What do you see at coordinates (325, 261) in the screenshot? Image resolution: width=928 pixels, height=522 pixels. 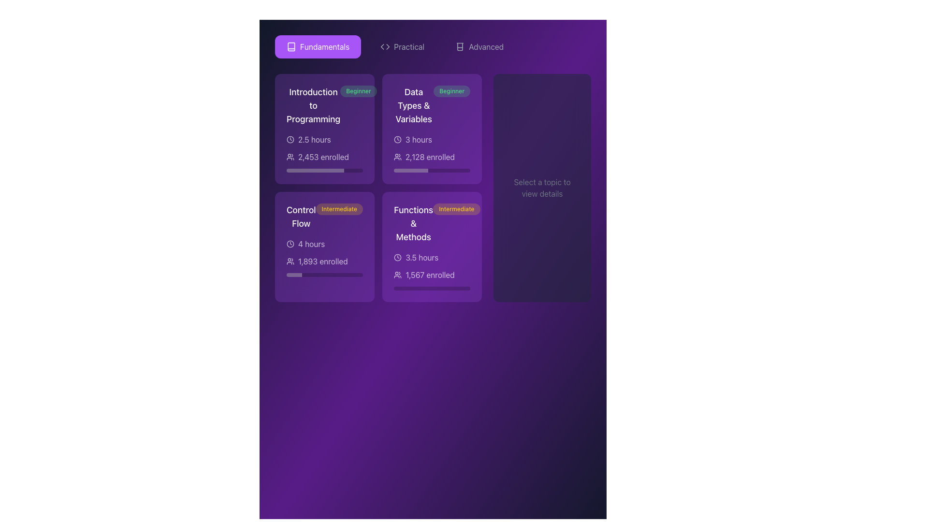 I see `the label indicating the number of users enrolled in the course, located within the 'Control Flow' card, beneath the '4 hours' label and above the horizontal progress bar` at bounding box center [325, 261].